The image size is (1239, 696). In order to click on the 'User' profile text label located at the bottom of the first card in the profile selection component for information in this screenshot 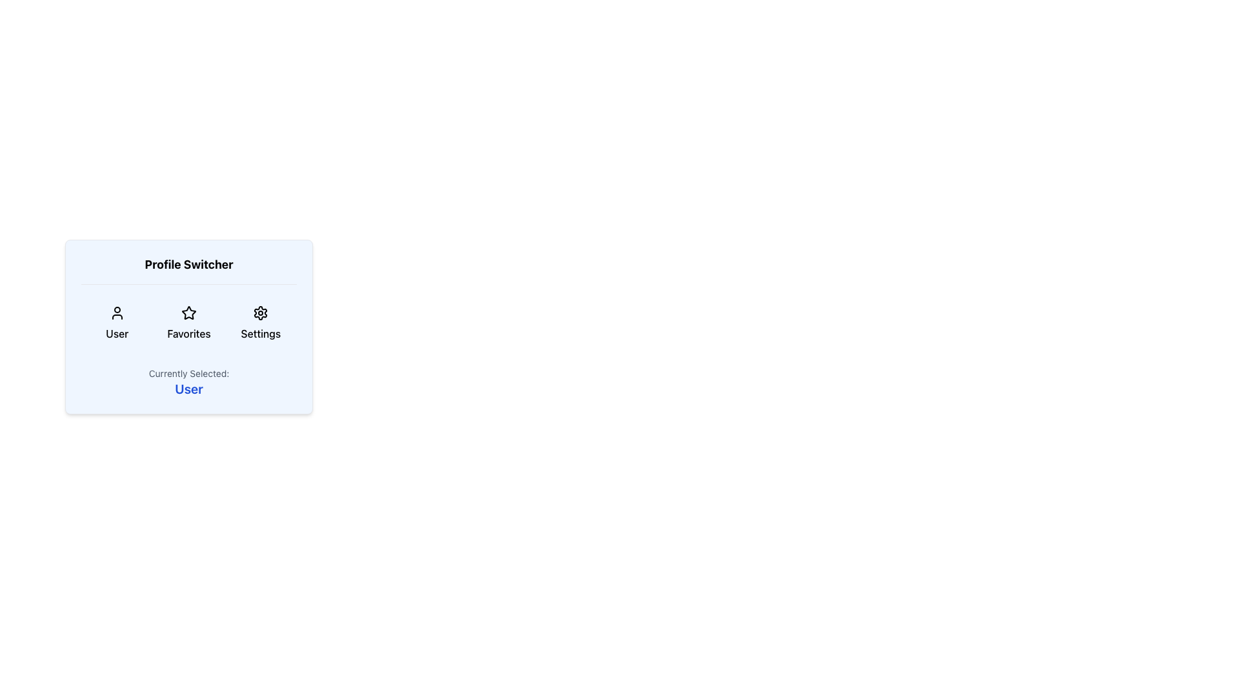, I will do `click(117, 333)`.